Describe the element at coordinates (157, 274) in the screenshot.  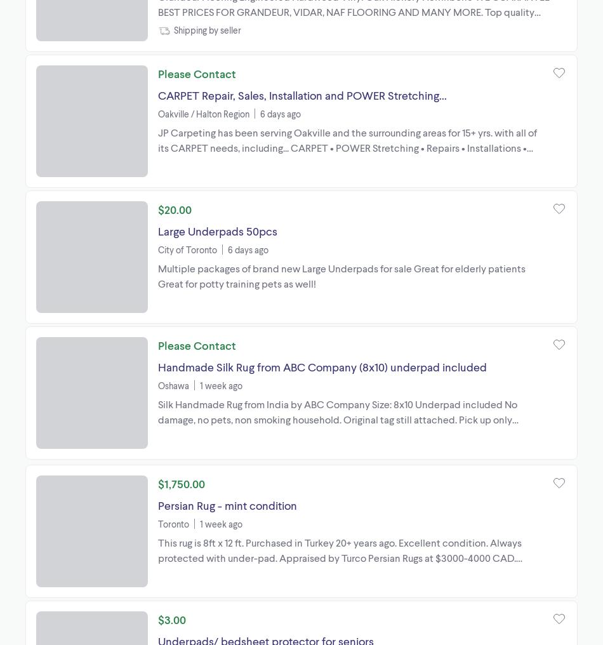
I see `'Multiple packages of brand new Large Underpads for sale Great for elderly patients Great for potty training pets as well!'` at that location.